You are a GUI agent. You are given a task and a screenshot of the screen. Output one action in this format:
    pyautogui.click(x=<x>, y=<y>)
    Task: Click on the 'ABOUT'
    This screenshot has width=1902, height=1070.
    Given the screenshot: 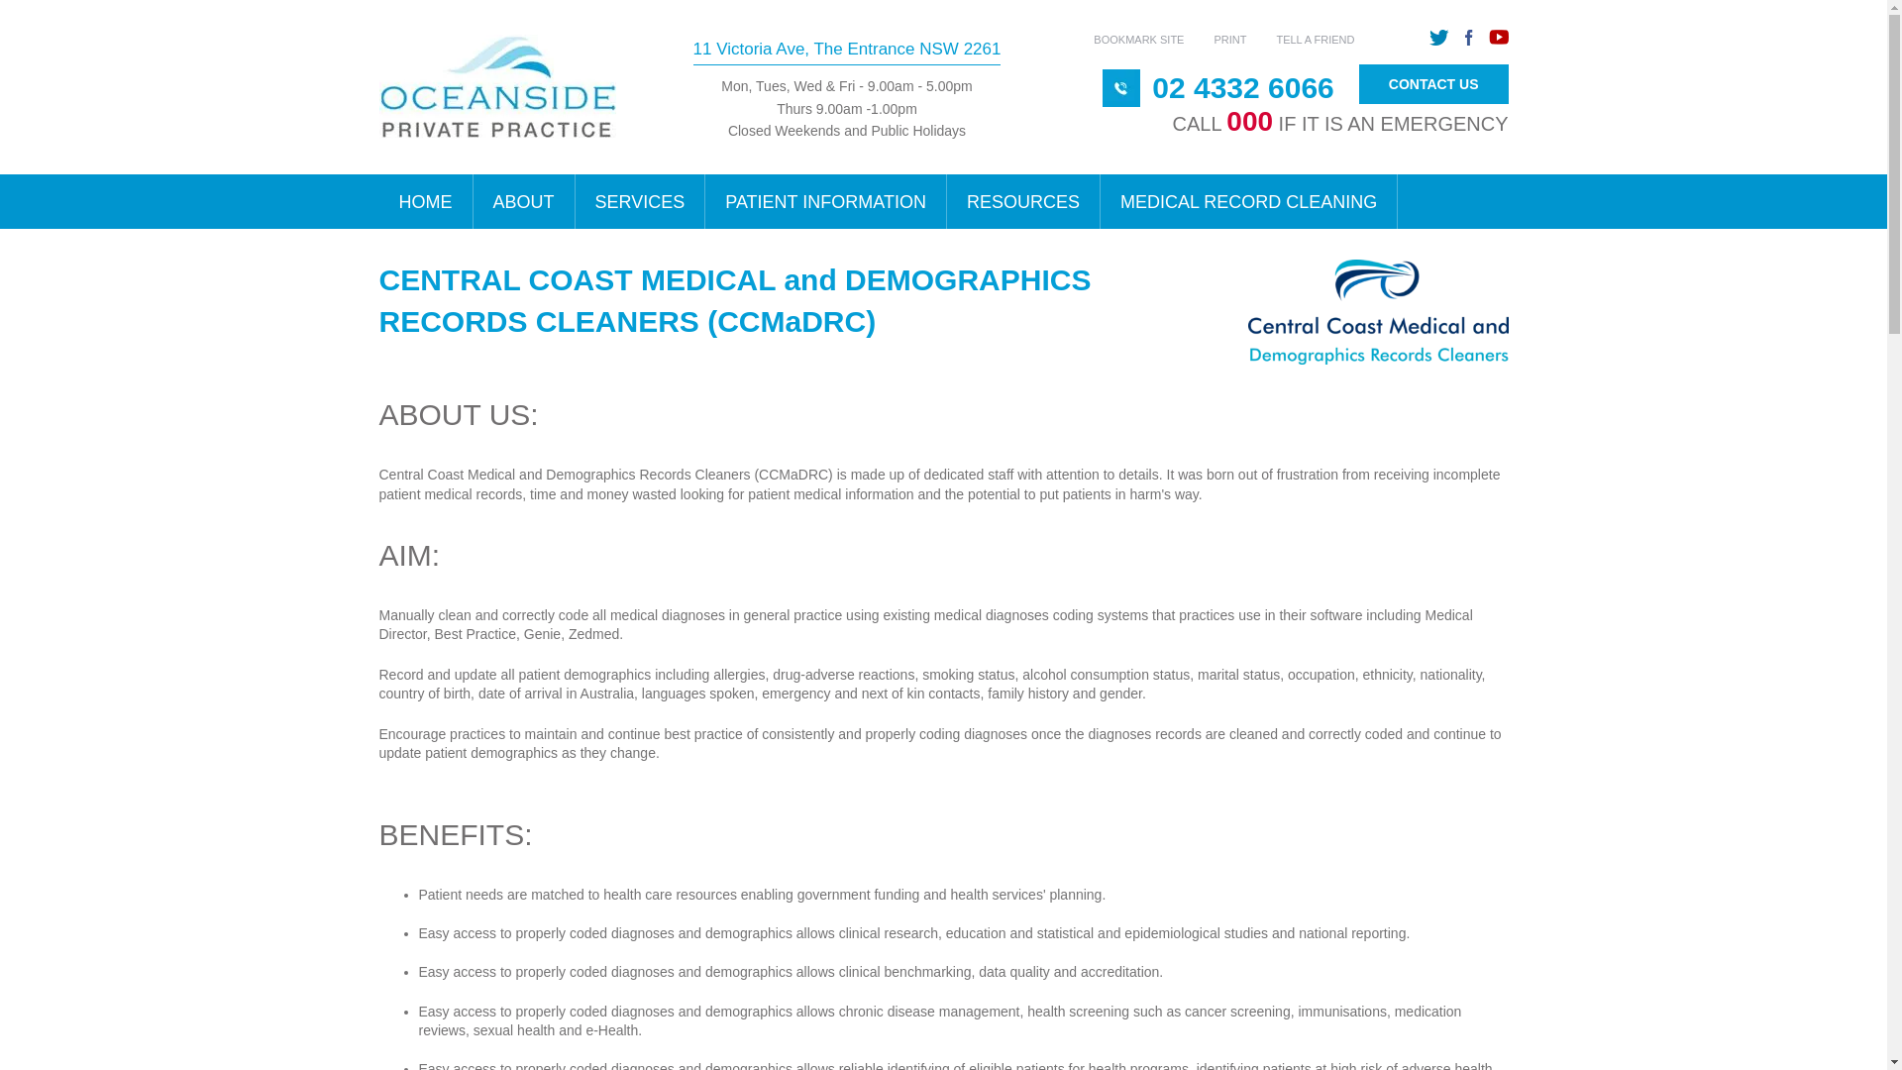 What is the action you would take?
    pyautogui.click(x=524, y=201)
    